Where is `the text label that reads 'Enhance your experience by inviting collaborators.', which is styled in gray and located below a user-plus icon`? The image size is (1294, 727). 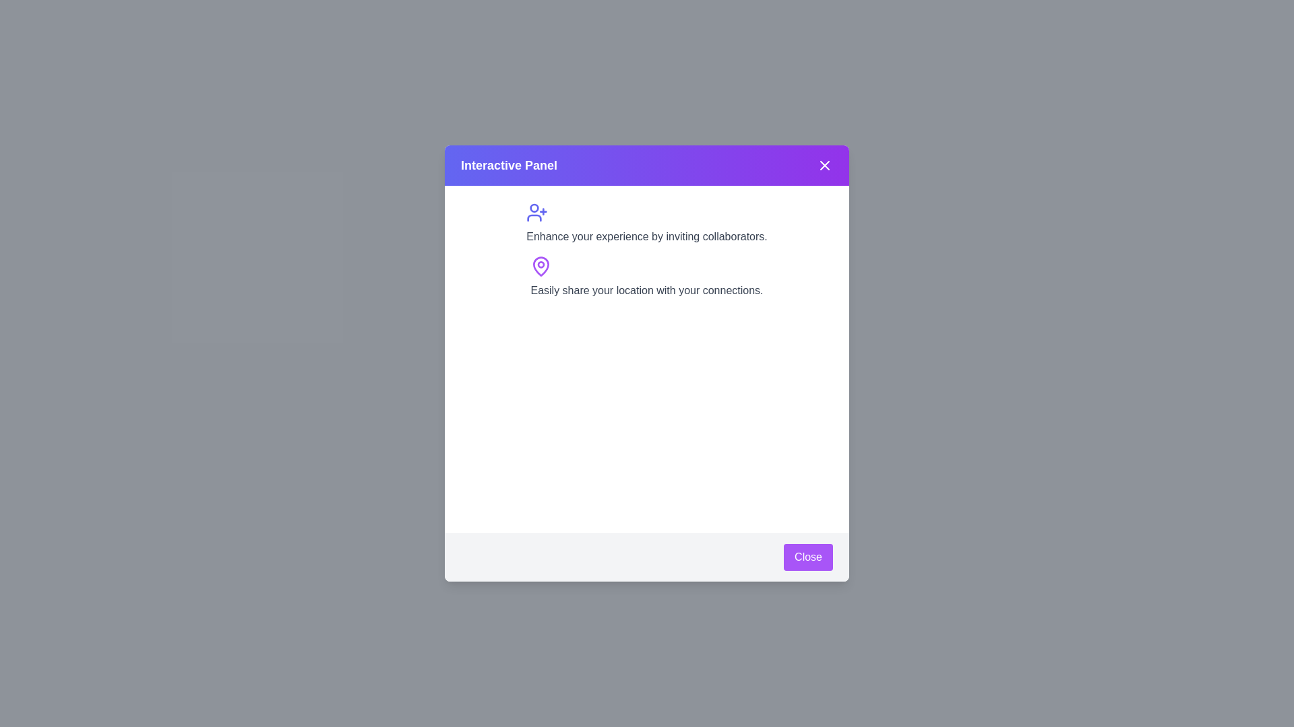
the text label that reads 'Enhance your experience by inviting collaborators.', which is styled in gray and located below a user-plus icon is located at coordinates (647, 236).